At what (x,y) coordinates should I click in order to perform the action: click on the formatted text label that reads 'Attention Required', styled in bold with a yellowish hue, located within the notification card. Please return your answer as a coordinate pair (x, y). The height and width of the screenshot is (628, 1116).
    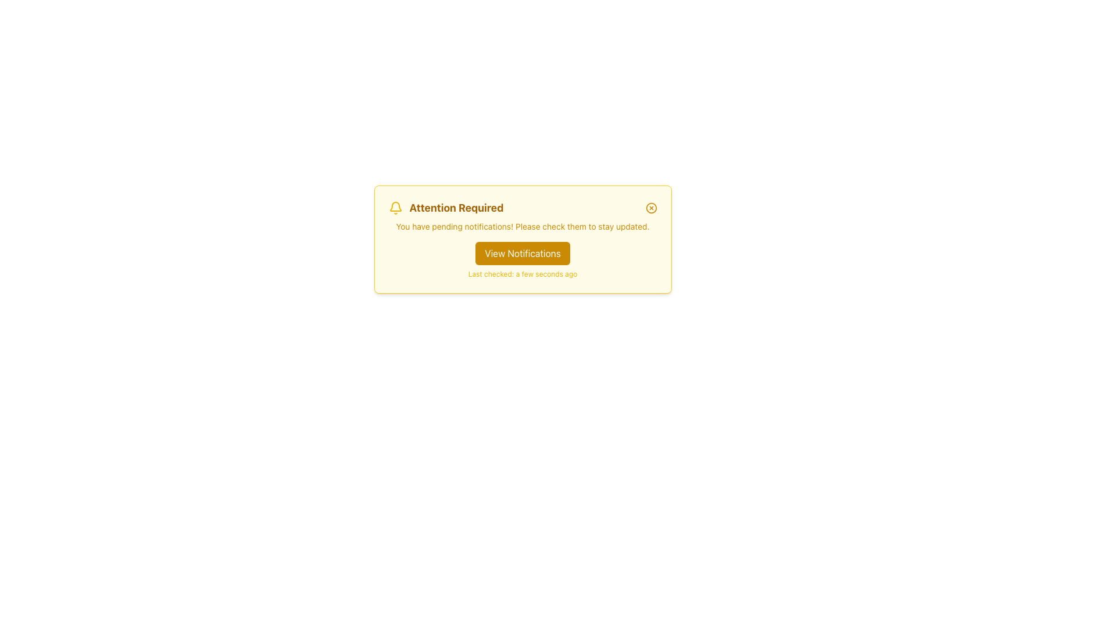
    Looking at the image, I should click on (456, 208).